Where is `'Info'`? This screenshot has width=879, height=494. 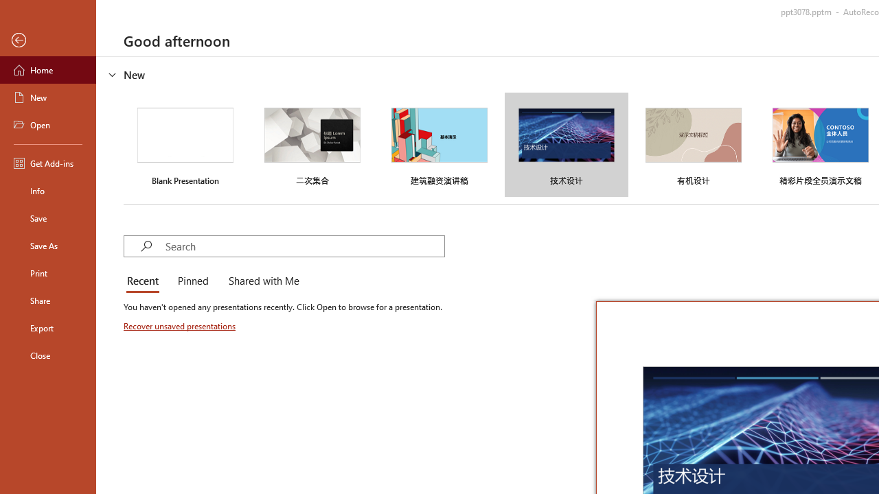
'Info' is located at coordinates (47, 190).